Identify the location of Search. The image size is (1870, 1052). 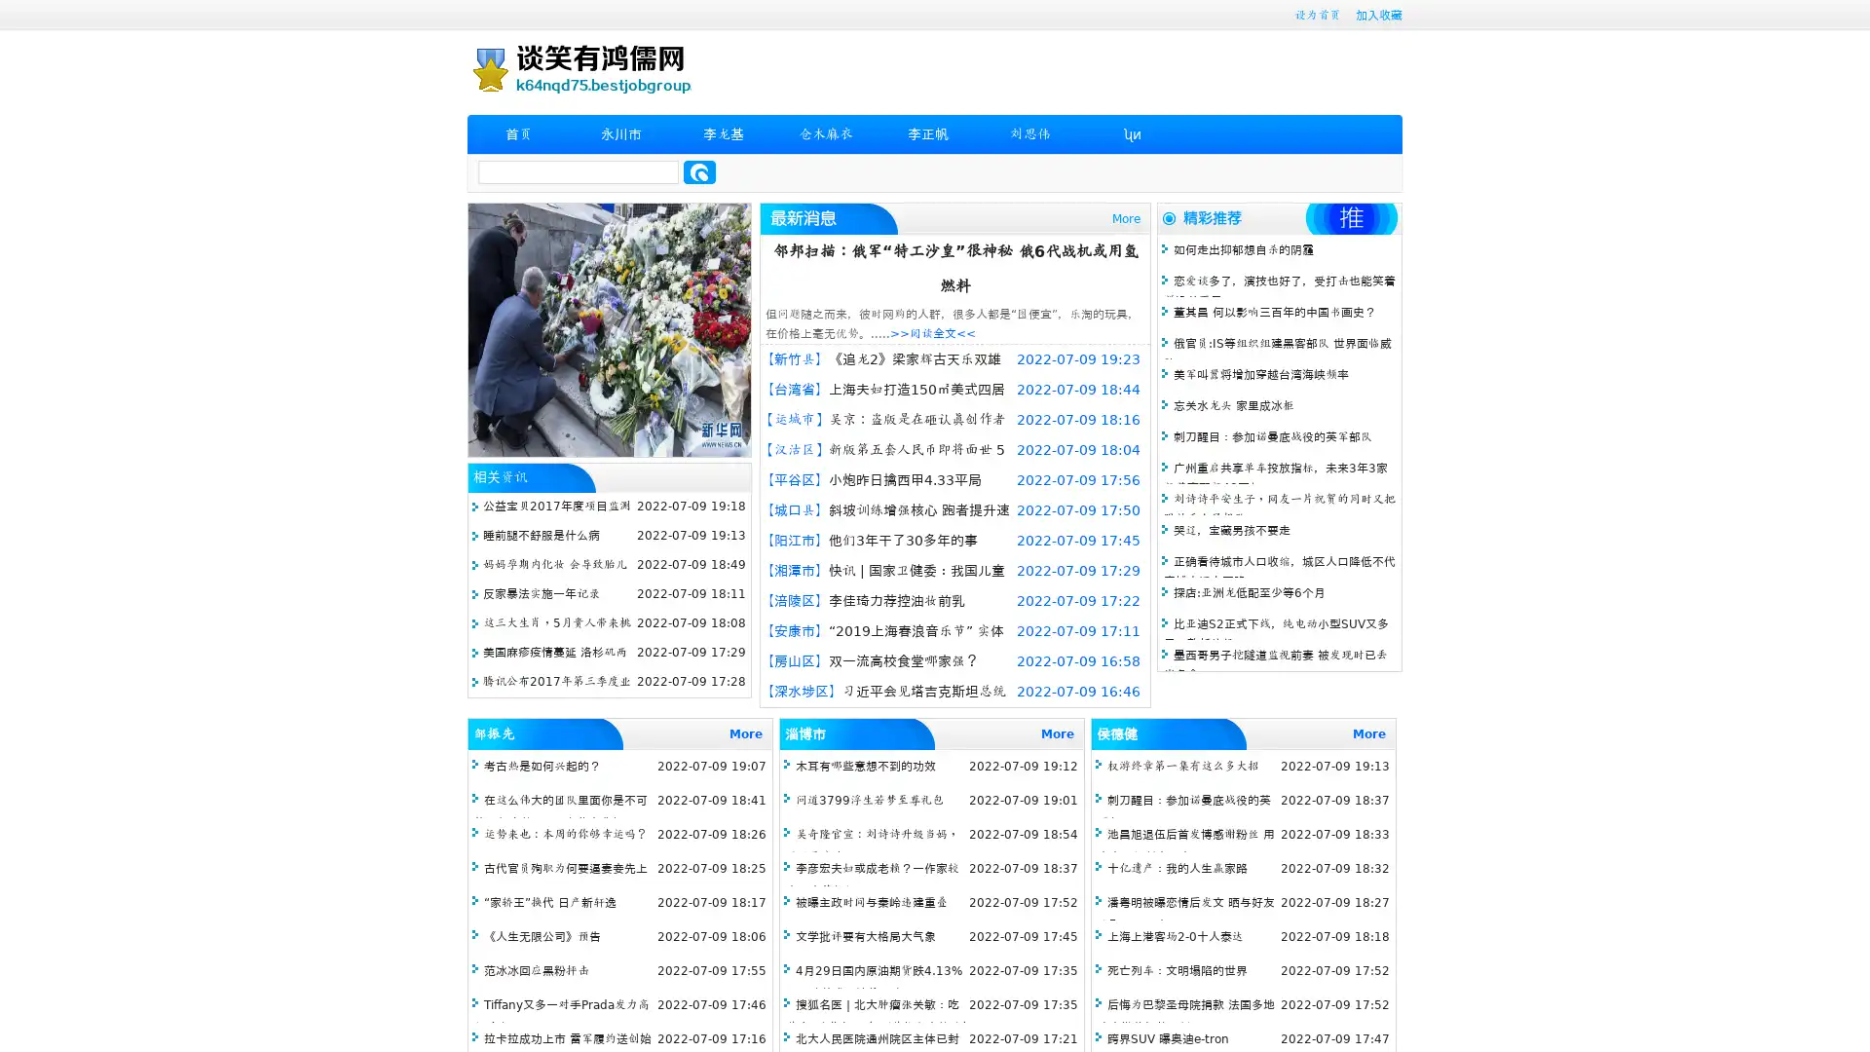
(699, 171).